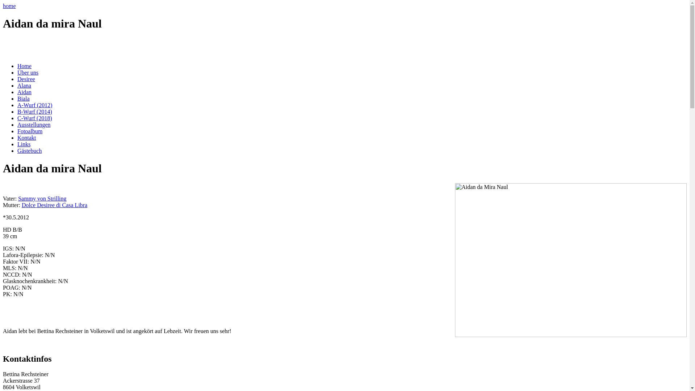 This screenshot has width=695, height=391. Describe the element at coordinates (34, 105) in the screenshot. I see `'A-Wurf (2012)'` at that location.